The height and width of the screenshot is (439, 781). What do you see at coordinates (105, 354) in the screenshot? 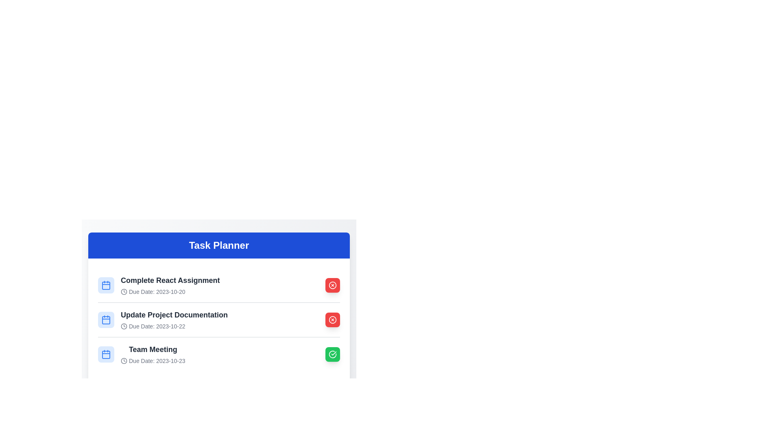
I see `the blue calendar icon located at the bottom-left side of the 'Team Meeting' card in the 'Task Planner' section` at bounding box center [105, 354].